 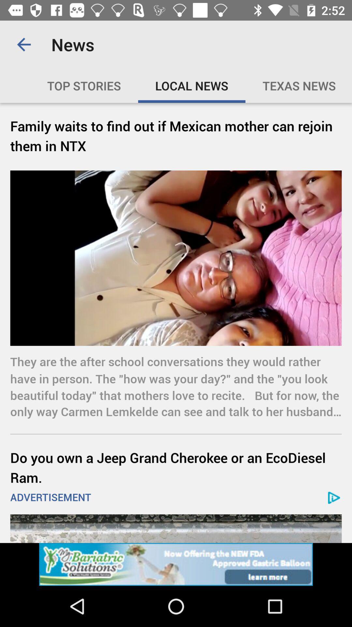 What do you see at coordinates (176, 528) in the screenshot?
I see `opens a advertisement` at bounding box center [176, 528].